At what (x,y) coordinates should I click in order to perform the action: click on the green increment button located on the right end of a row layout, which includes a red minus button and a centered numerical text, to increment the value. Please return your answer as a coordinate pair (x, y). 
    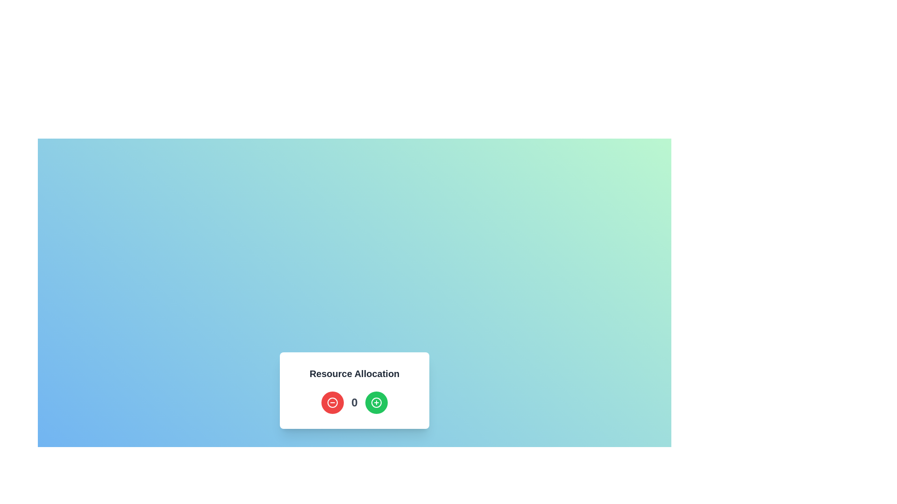
    Looking at the image, I should click on (376, 402).